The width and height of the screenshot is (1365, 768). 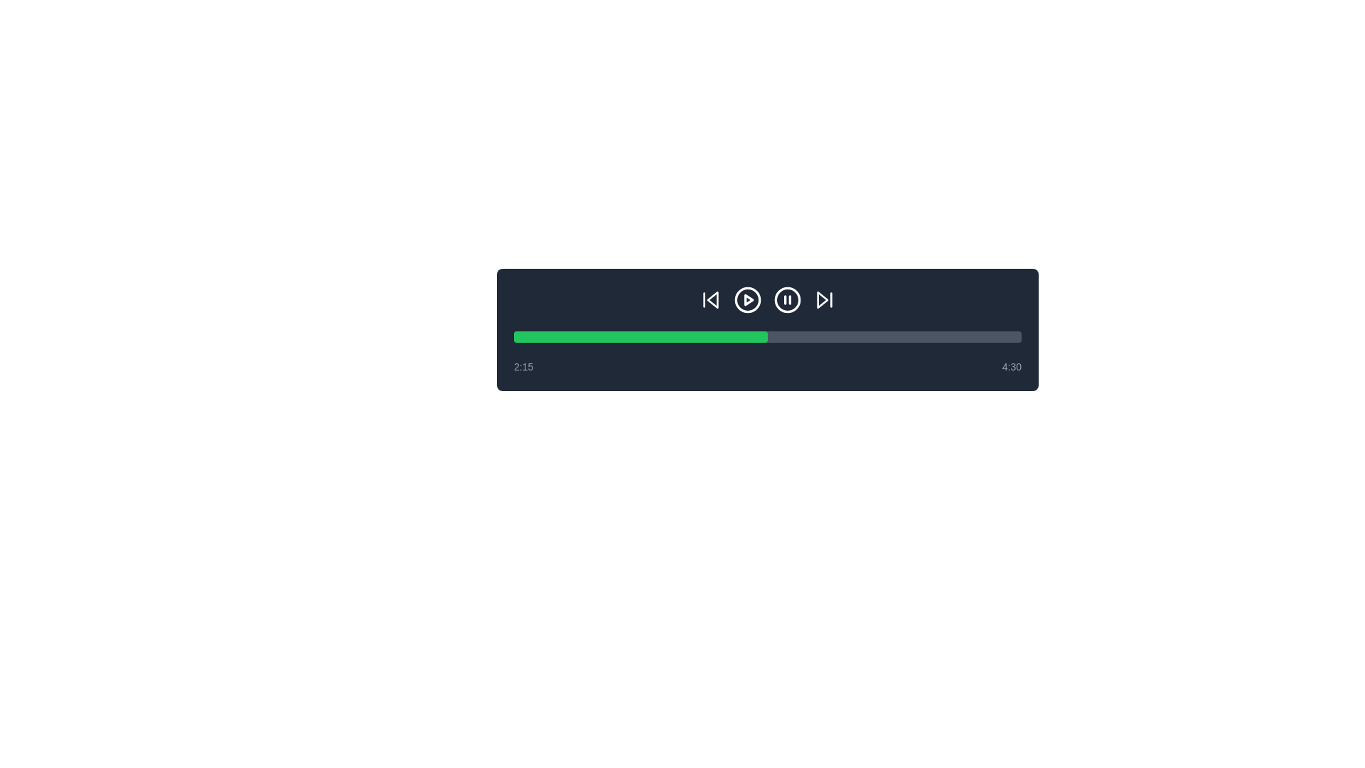 What do you see at coordinates (746, 299) in the screenshot?
I see `the visual boundary circle that defines the play button, located in the playback controls area` at bounding box center [746, 299].